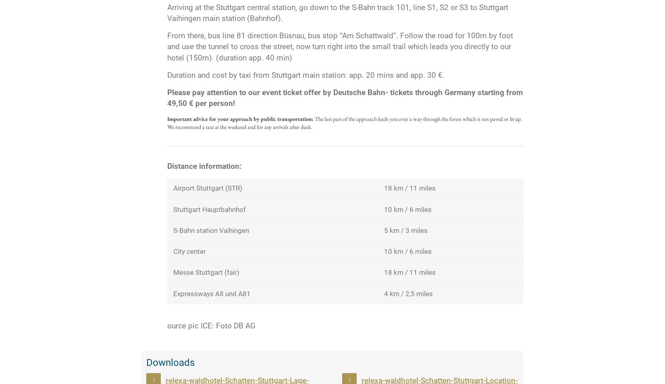 This screenshot has width=665, height=384. What do you see at coordinates (405, 230) in the screenshot?
I see `'5 km / 3 miles'` at bounding box center [405, 230].